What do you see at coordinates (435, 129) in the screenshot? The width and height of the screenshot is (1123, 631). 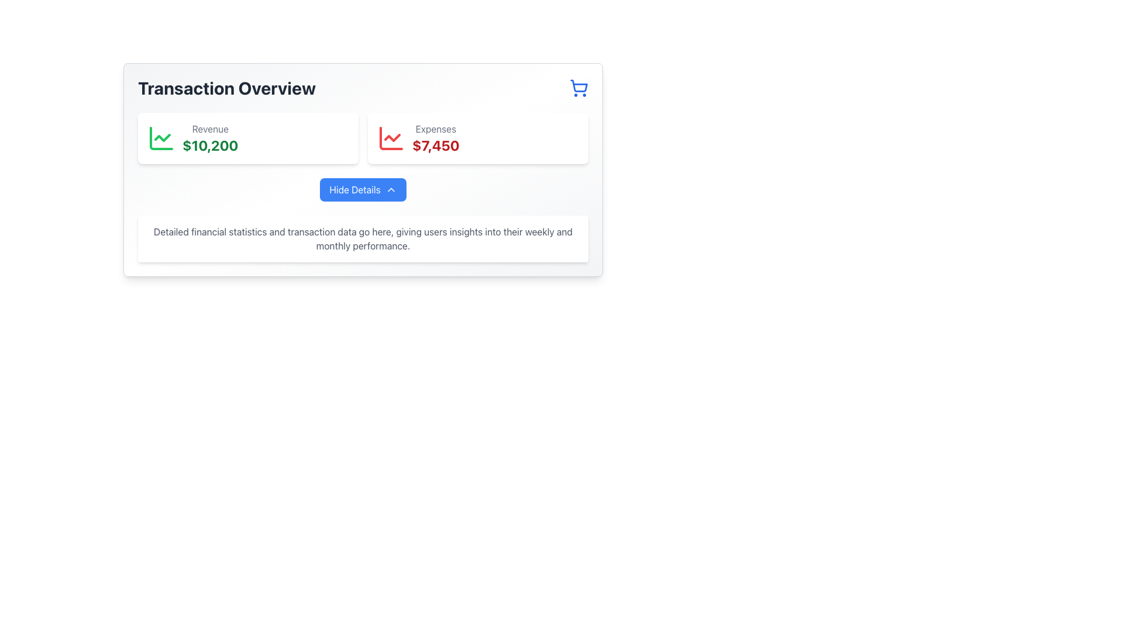 I see `the text label indicating expenses located at the top-right of the financial data card, which displays the numeric value '$7,450'` at bounding box center [435, 129].